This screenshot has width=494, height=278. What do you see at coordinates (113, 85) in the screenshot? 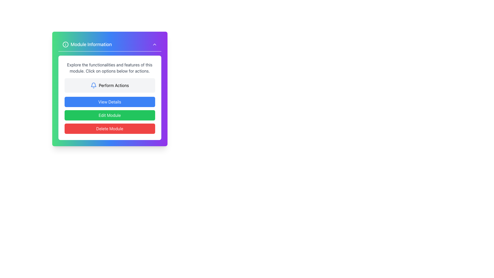
I see `the white button surrounding the text label displaying 'Perform Actions'` at bounding box center [113, 85].